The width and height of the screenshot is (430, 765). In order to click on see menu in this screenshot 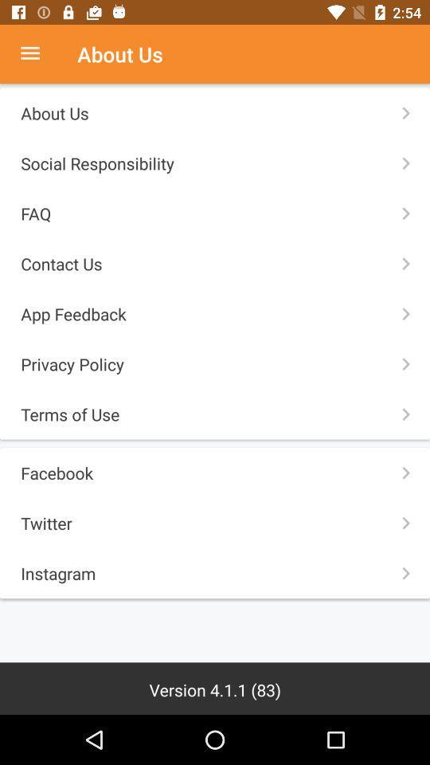, I will do `click(38, 54)`.